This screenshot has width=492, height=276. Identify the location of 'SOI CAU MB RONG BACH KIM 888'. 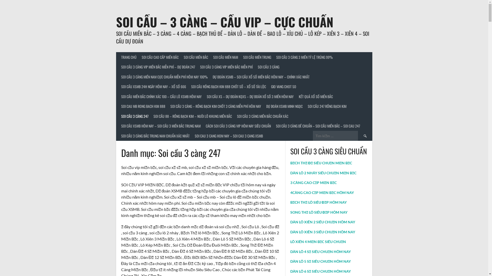
(118, 106).